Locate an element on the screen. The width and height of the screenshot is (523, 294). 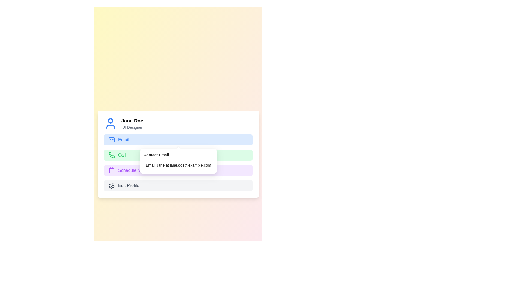
the gear icon that serves as the settings button is located at coordinates (111, 185).